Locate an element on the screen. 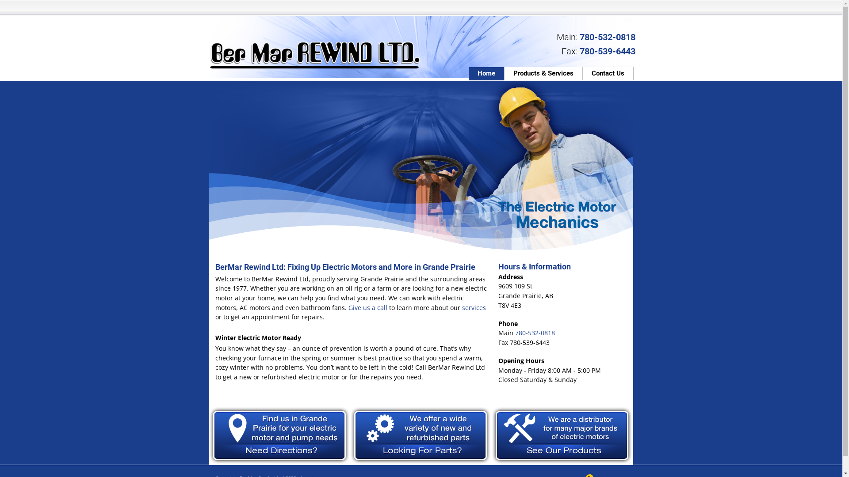 The image size is (849, 477). 'services' is located at coordinates (472, 307).